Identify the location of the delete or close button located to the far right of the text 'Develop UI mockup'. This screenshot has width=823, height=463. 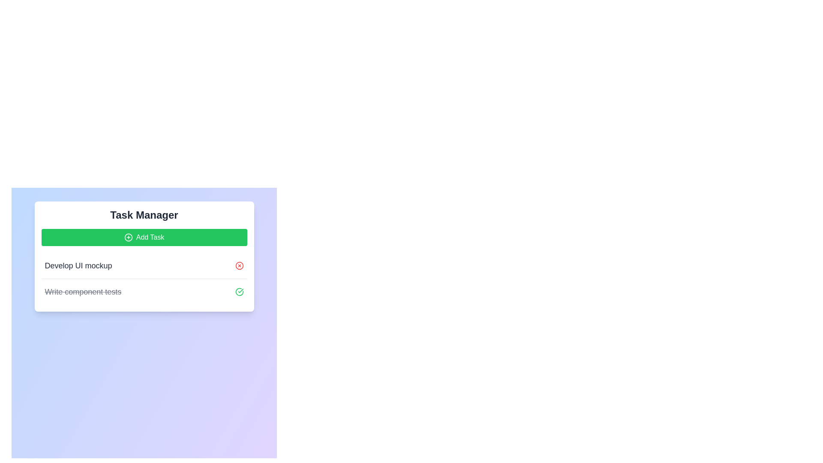
(239, 265).